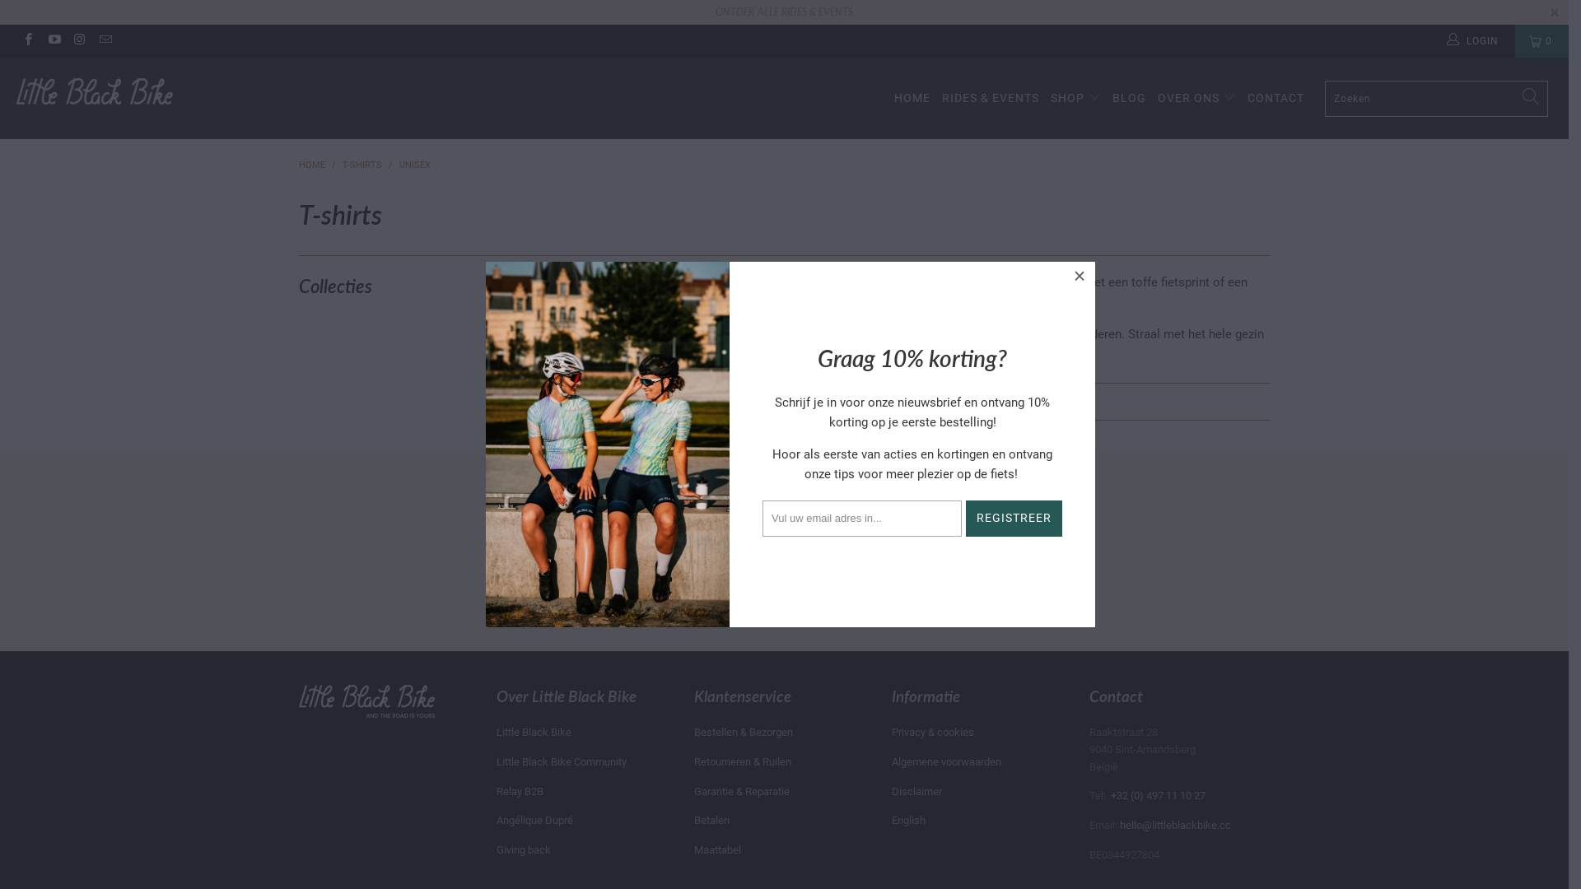 Image resolution: width=1581 pixels, height=889 pixels. I want to click on '0', so click(1541, 40).